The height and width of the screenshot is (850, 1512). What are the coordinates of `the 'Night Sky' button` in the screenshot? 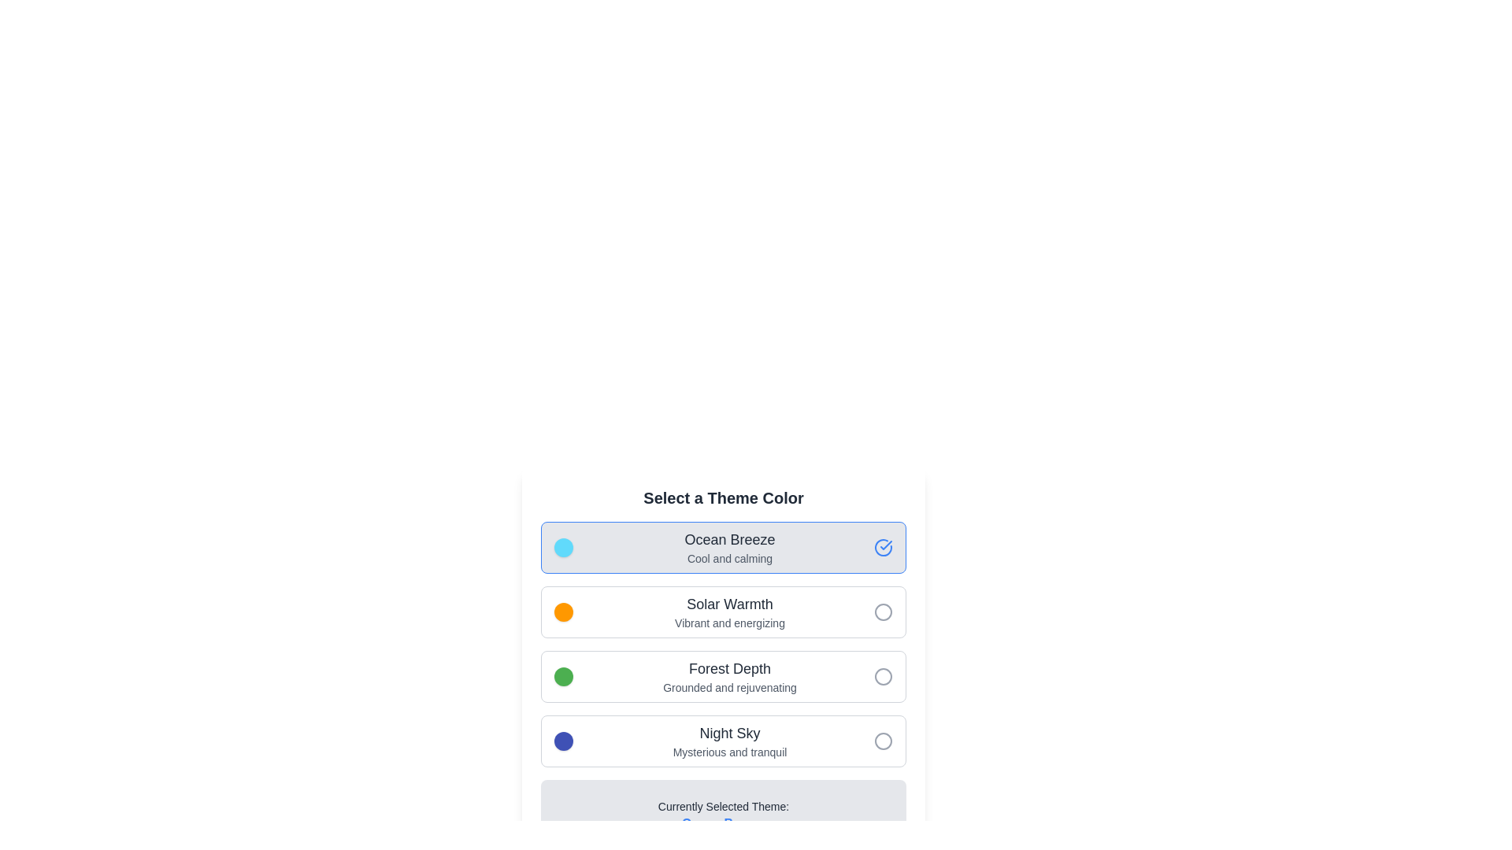 It's located at (722, 741).